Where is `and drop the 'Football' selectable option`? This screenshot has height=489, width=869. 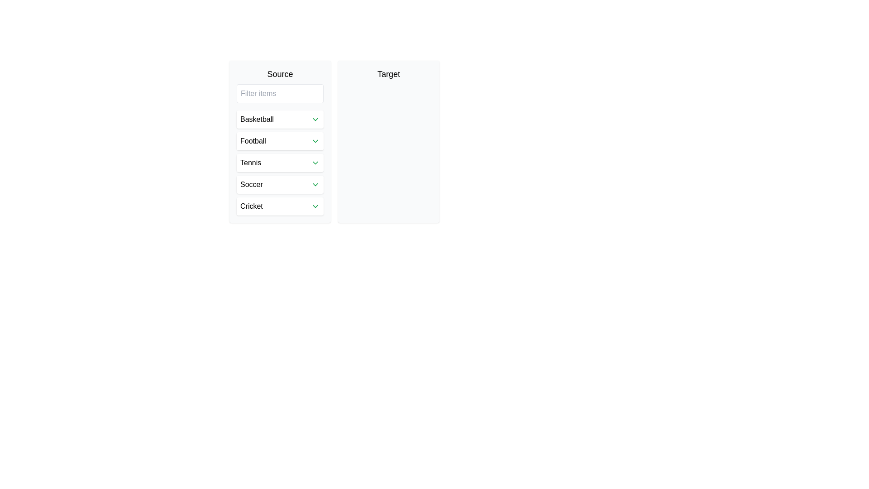 and drop the 'Football' selectable option is located at coordinates (280, 141).